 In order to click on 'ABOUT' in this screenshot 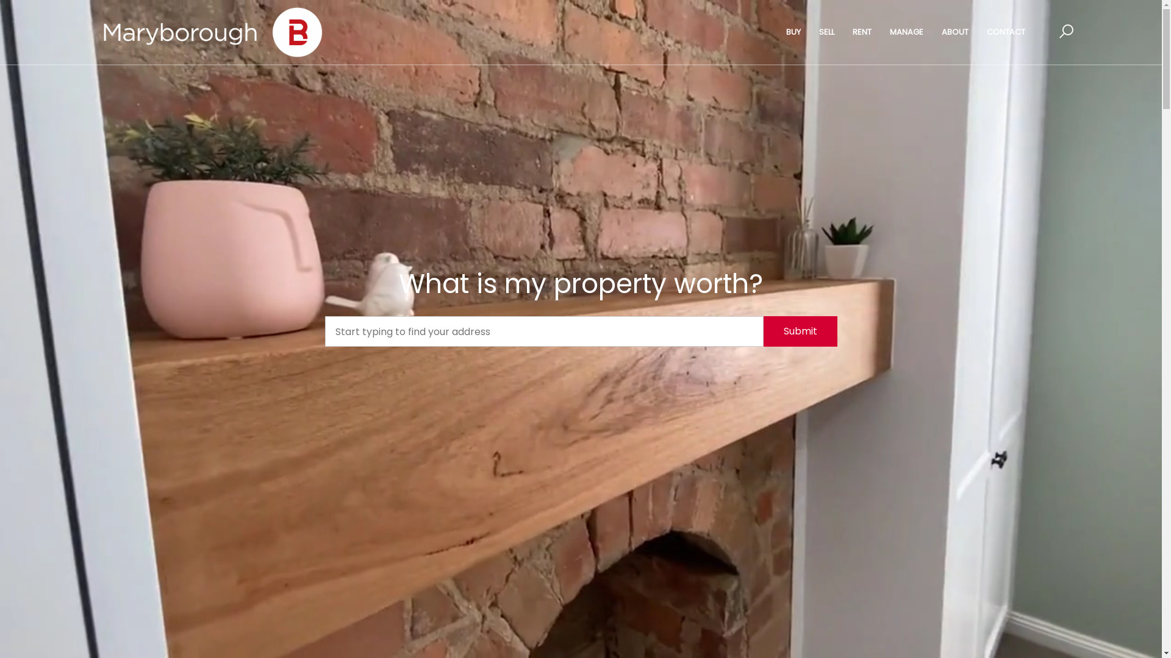, I will do `click(954, 32)`.